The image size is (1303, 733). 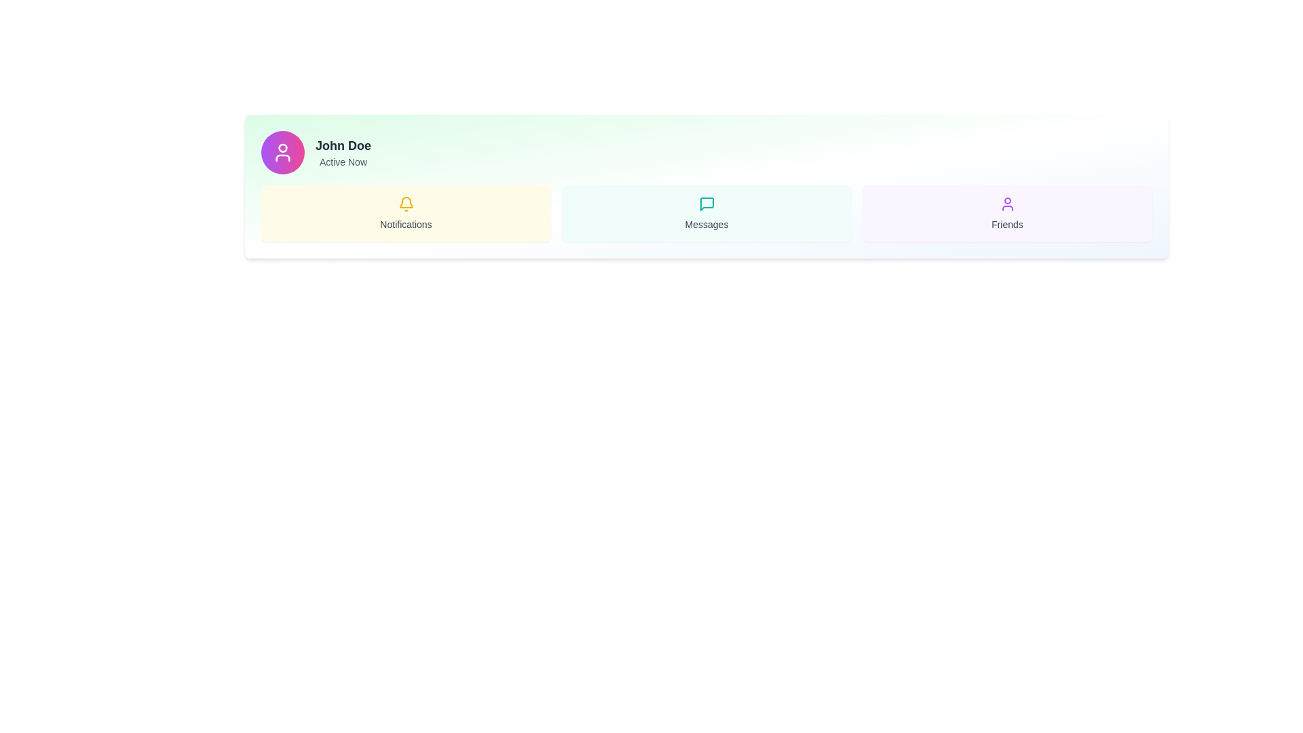 I want to click on the small circular SVG element that is part of the user profile icon located at the top-right section of the user interface, so click(x=282, y=148).